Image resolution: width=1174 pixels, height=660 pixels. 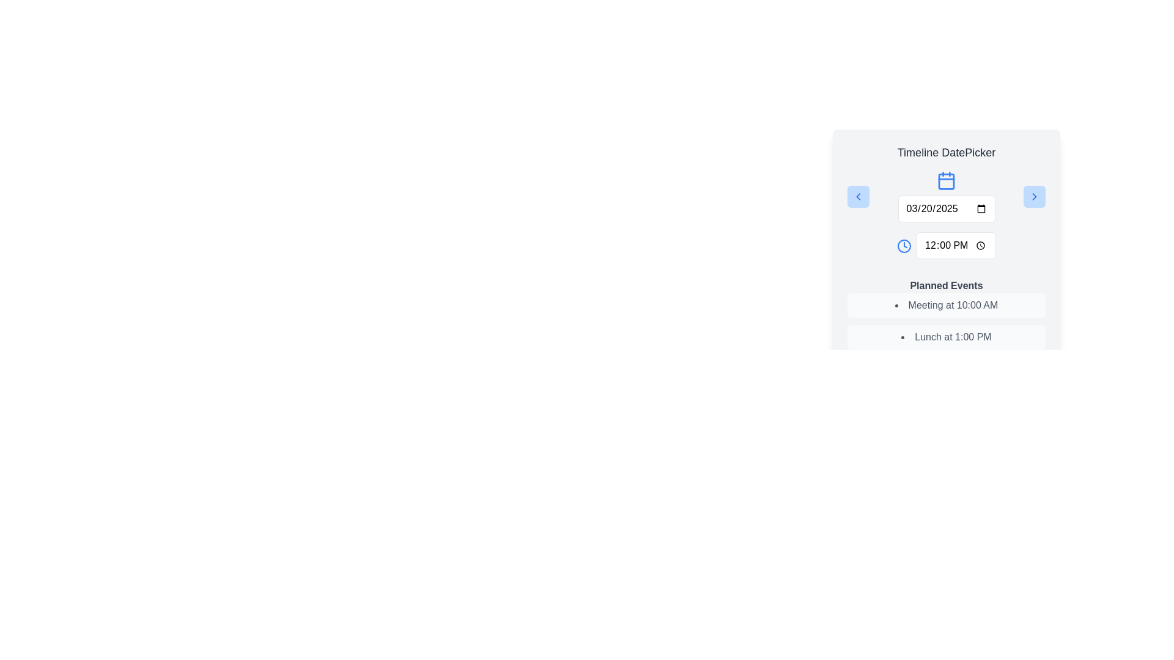 I want to click on the text label or heading that serves as a descriptive title for the timeline and date-picking section, located in the header section above the date and time input fields, so click(x=946, y=152).